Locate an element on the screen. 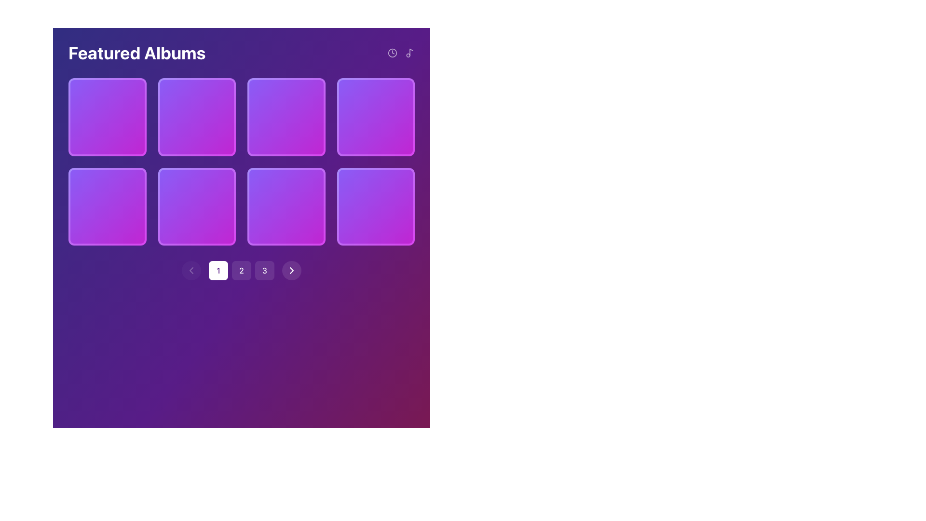 Image resolution: width=926 pixels, height=521 pixels. the album feature tile located in the top row, third column of the 4x2 grid layout to interact or view details is located at coordinates (375, 116).